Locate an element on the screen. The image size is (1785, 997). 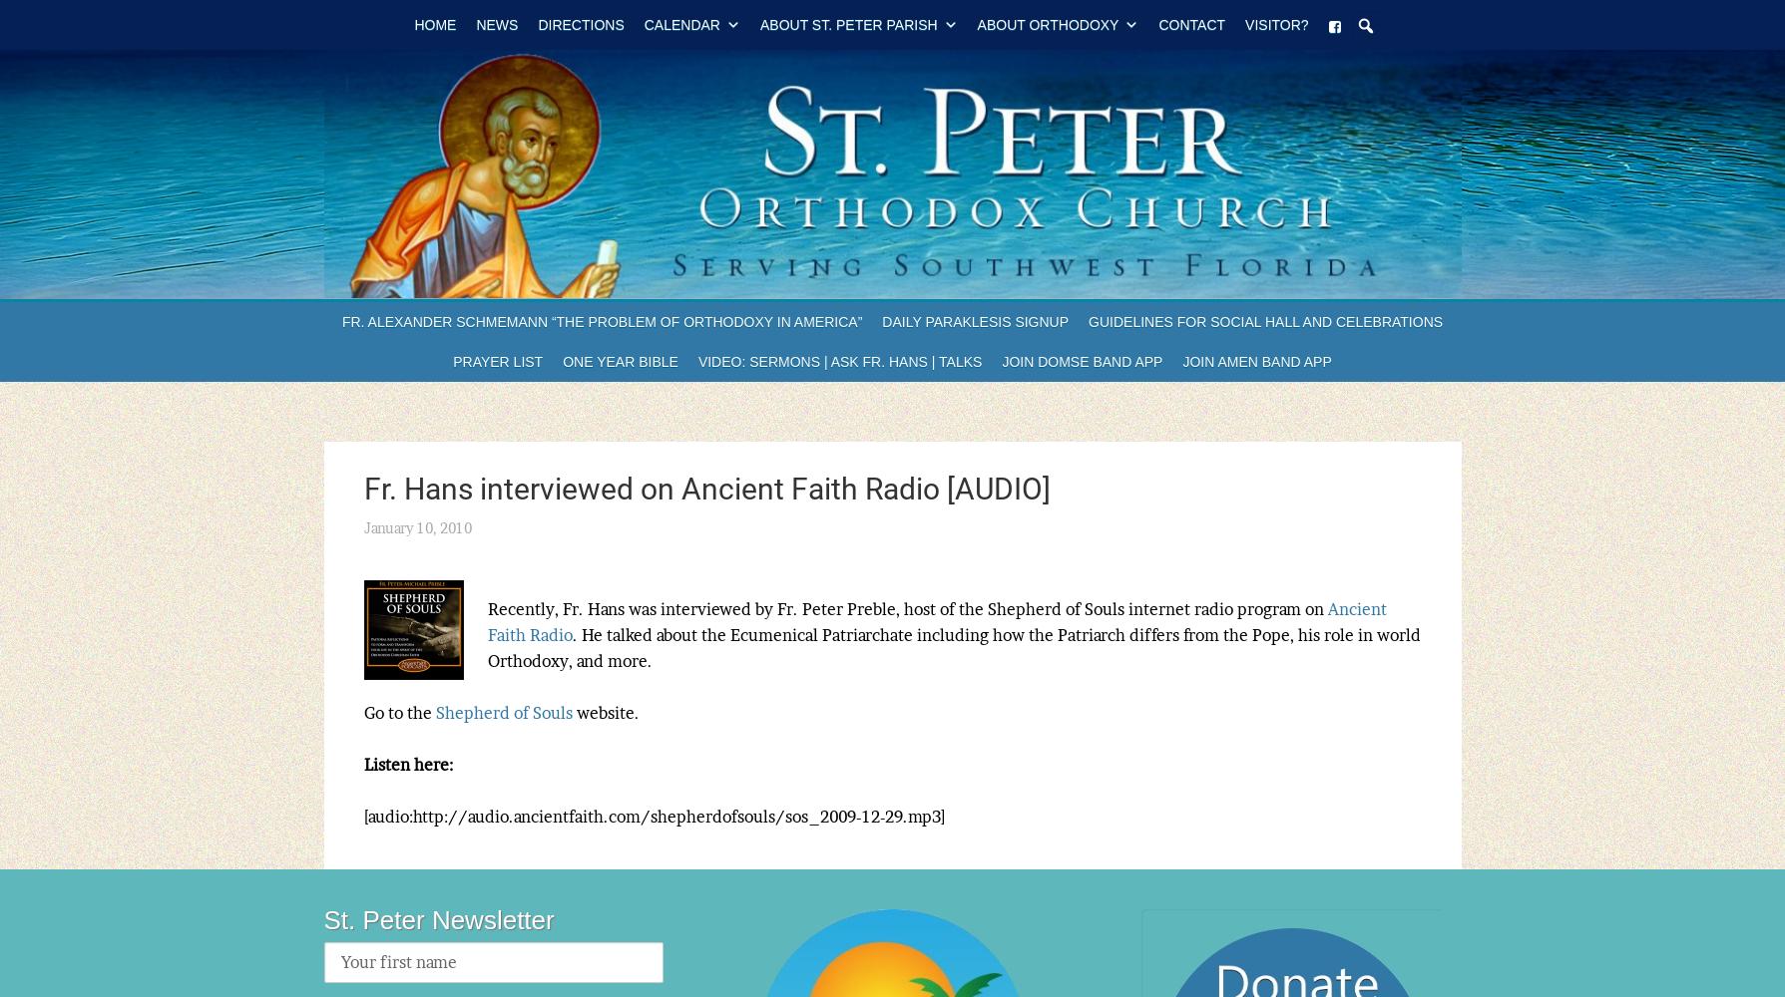
'Fr. Alexander Schmemann “The Problem of Orthodoxy in America”' is located at coordinates (602, 321).